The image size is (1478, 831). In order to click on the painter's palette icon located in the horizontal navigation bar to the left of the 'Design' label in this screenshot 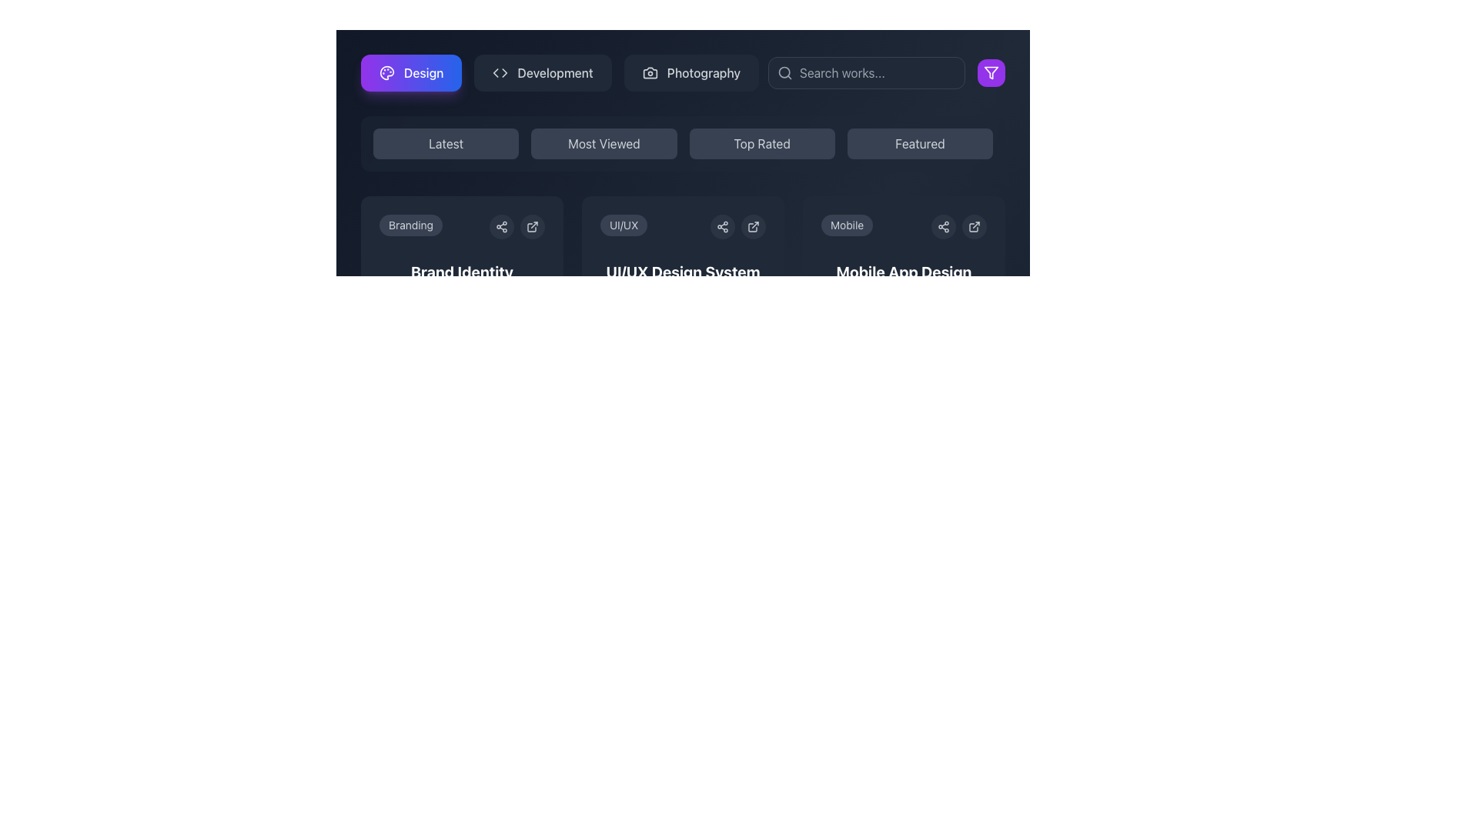, I will do `click(387, 73)`.